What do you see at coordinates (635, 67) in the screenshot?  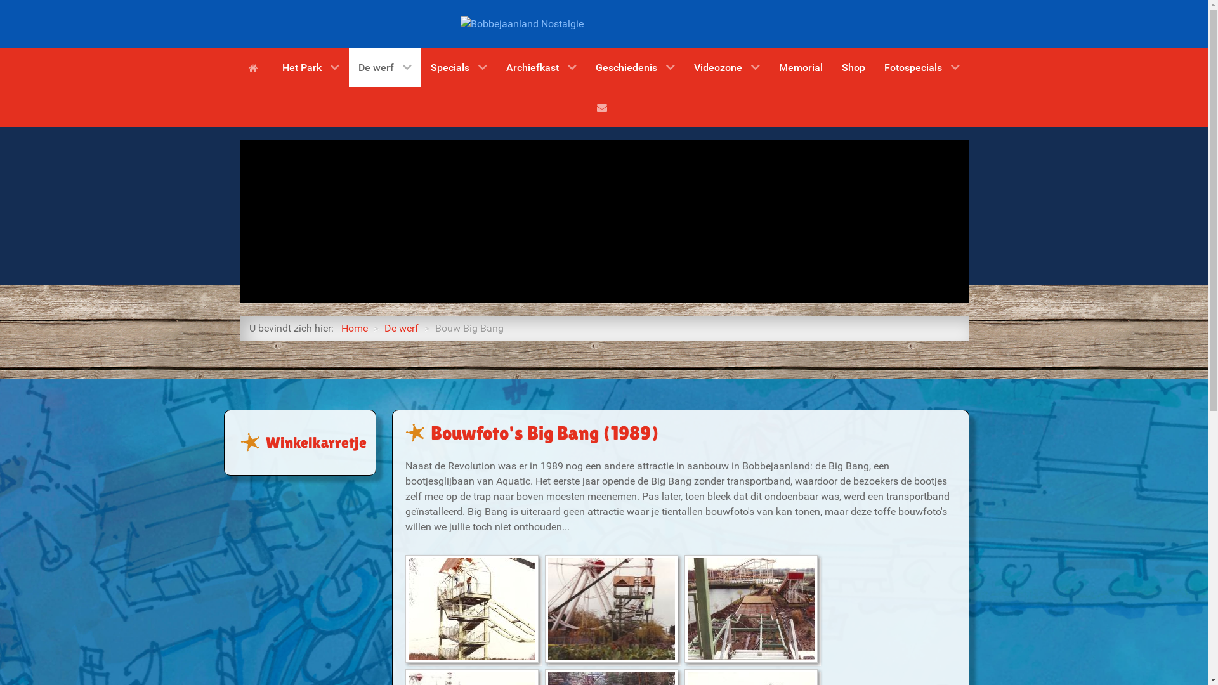 I see `'Geschiedenis'` at bounding box center [635, 67].